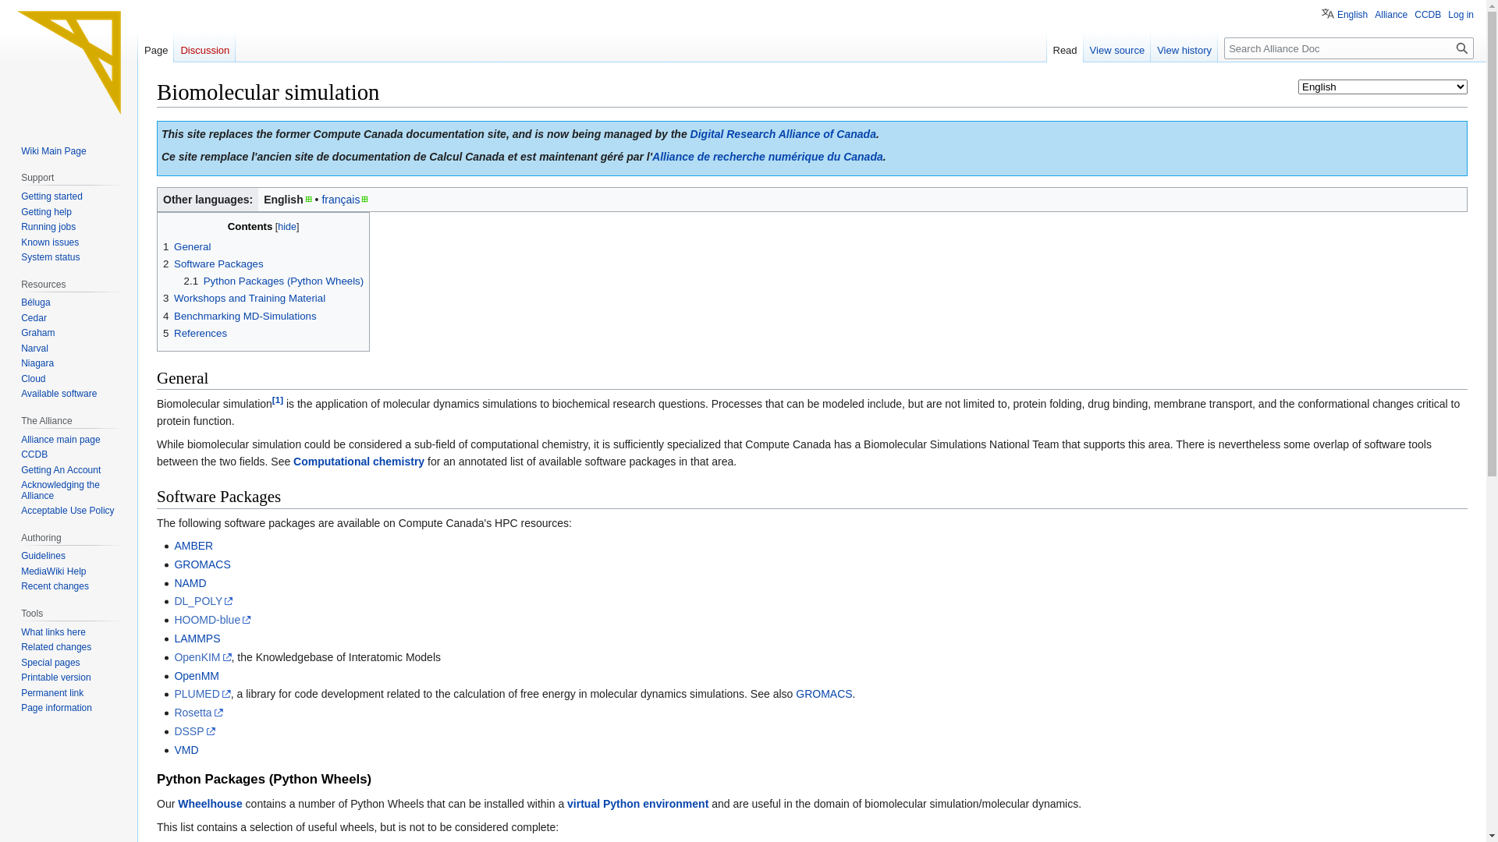 This screenshot has width=1498, height=842. What do you see at coordinates (173, 748) in the screenshot?
I see `'VMD'` at bounding box center [173, 748].